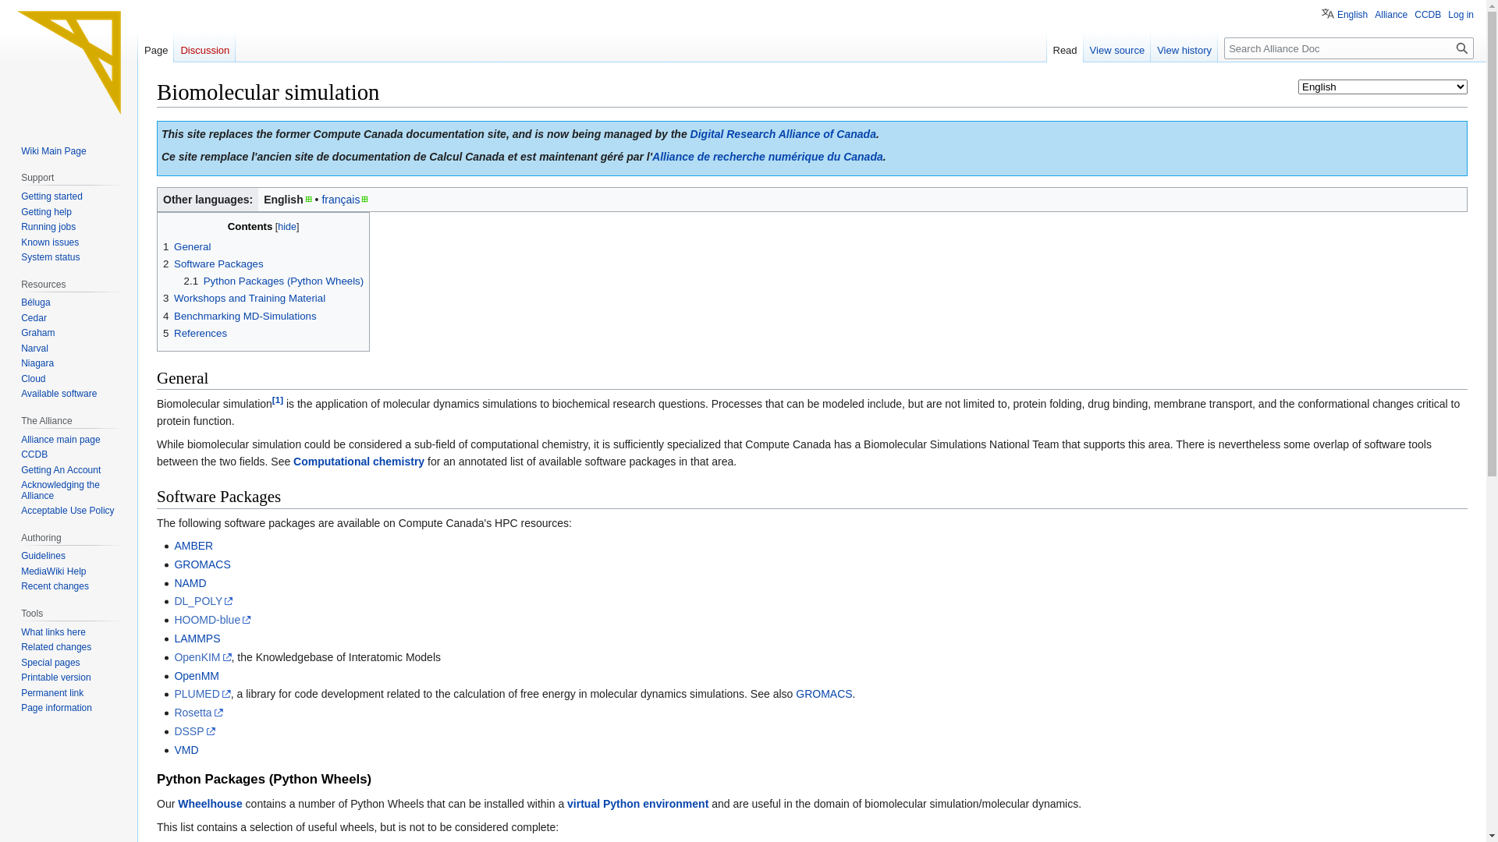 This screenshot has width=1498, height=842. What do you see at coordinates (173, 748) in the screenshot?
I see `'VMD'` at bounding box center [173, 748].